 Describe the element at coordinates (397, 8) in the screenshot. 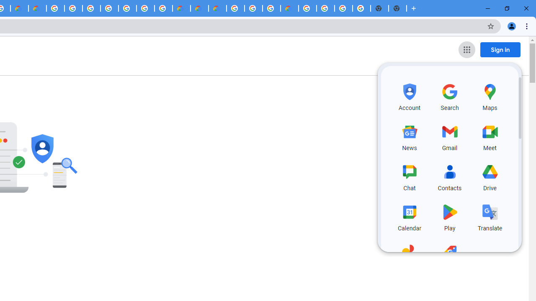

I see `'New Tab'` at that location.